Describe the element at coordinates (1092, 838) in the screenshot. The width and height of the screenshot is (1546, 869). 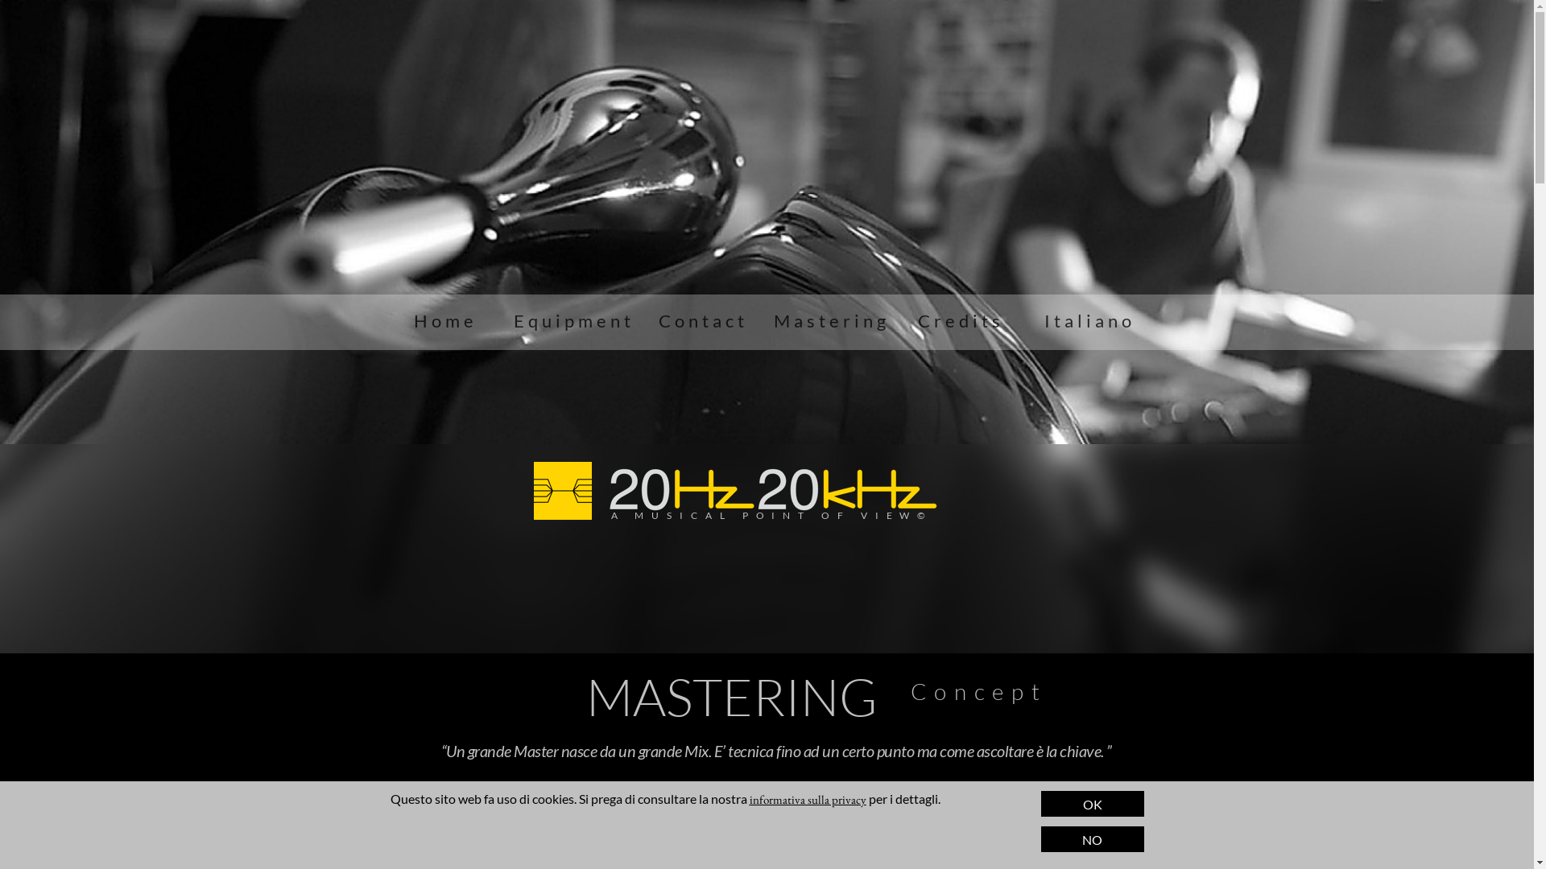
I see `'NO'` at that location.